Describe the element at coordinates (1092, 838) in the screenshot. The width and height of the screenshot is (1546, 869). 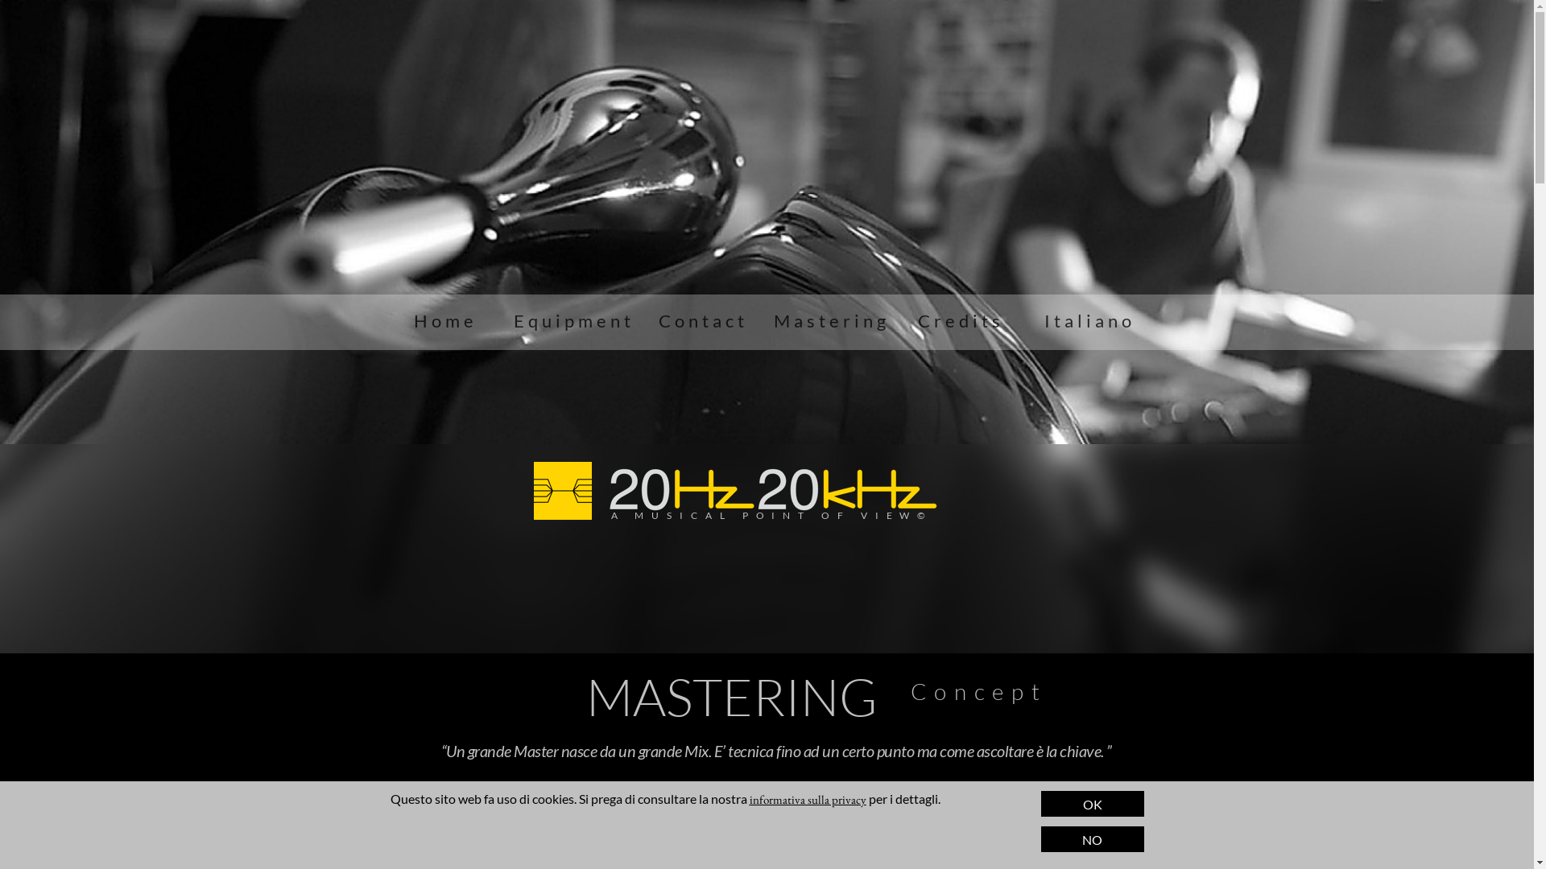
I see `'NO'` at that location.